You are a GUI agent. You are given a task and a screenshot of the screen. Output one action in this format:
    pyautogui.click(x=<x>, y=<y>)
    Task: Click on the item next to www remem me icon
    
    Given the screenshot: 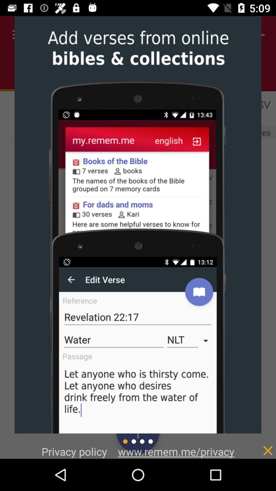 What is the action you would take?
    pyautogui.click(x=257, y=445)
    